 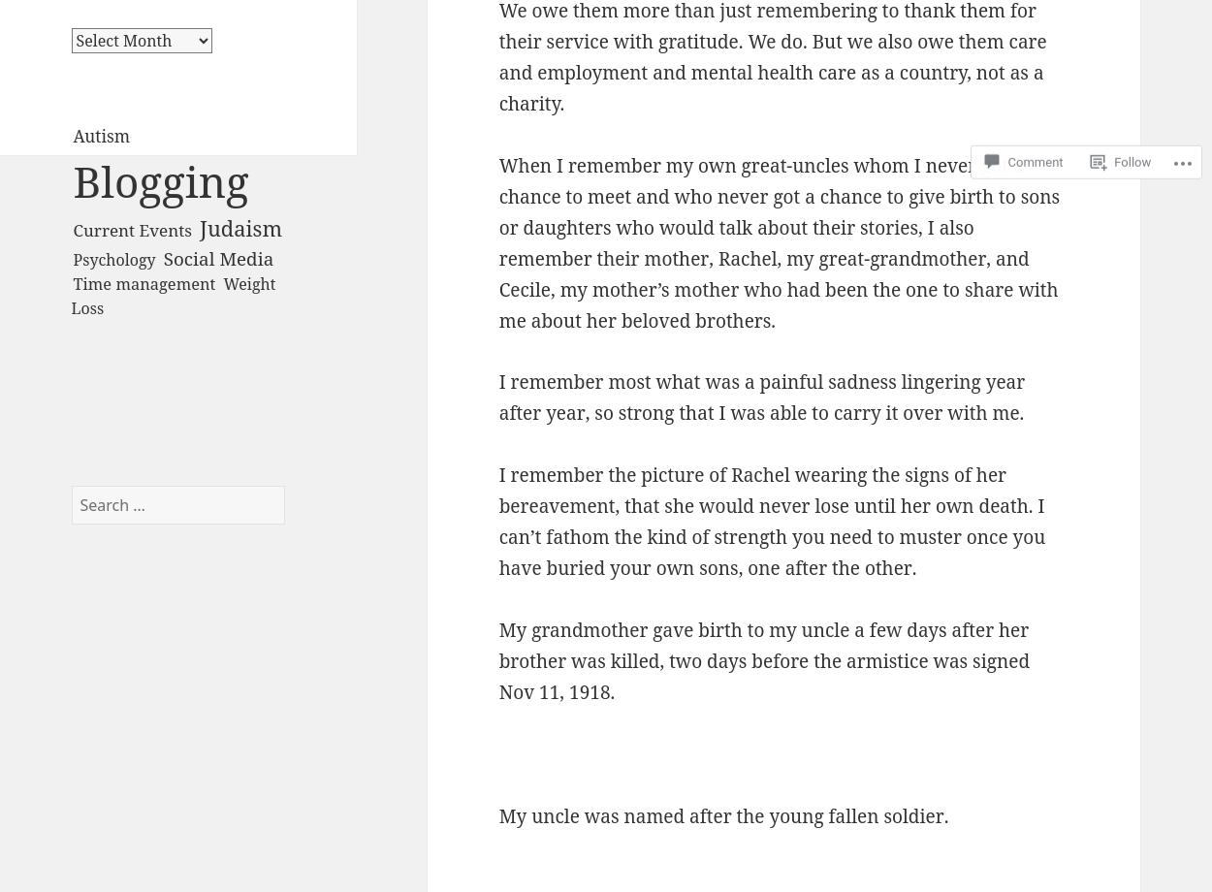 I want to click on 'Current Events', so click(x=72, y=229).